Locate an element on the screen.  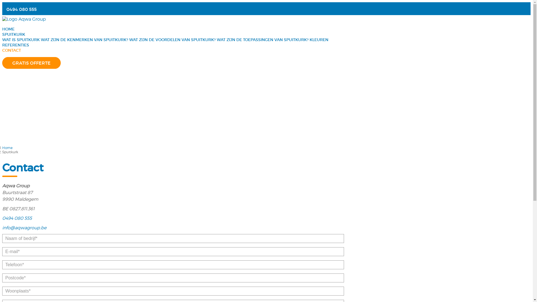
'Logo Aqwa Group' is located at coordinates (24, 19).